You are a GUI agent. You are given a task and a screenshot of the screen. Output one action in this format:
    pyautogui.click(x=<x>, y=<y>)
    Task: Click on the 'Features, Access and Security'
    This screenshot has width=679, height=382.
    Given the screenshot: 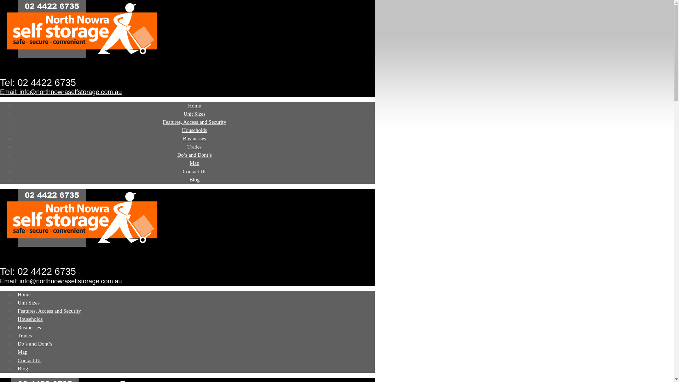 What is the action you would take?
    pyautogui.click(x=49, y=311)
    